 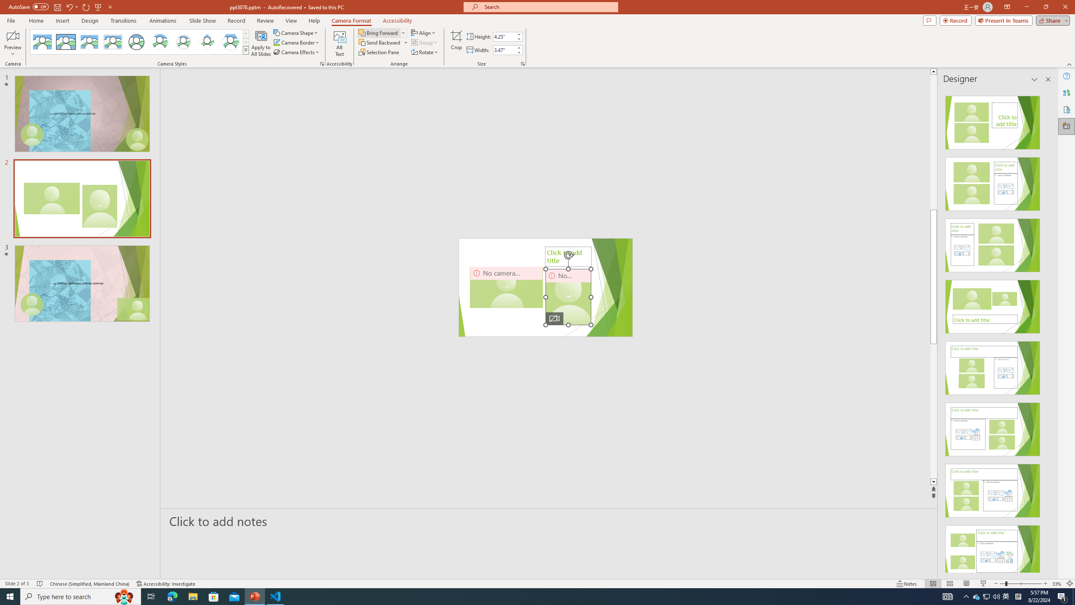 What do you see at coordinates (296, 32) in the screenshot?
I see `'Camera Shape'` at bounding box center [296, 32].